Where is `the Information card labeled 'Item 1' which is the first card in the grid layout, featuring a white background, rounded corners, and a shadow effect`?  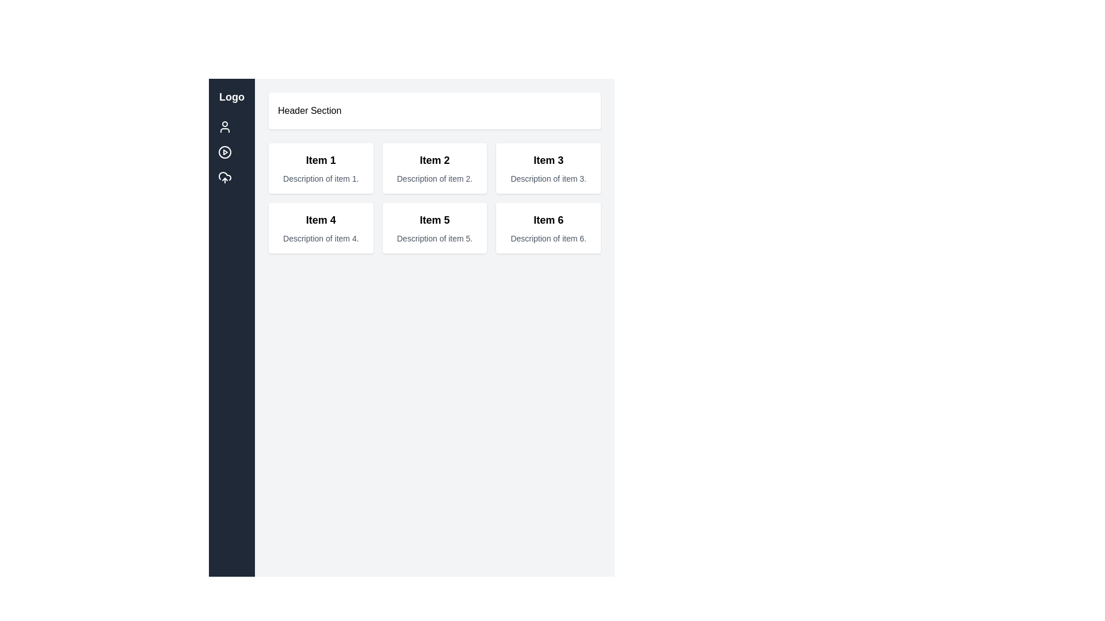
the Information card labeled 'Item 1' which is the first card in the grid layout, featuring a white background, rounded corners, and a shadow effect is located at coordinates (321, 168).